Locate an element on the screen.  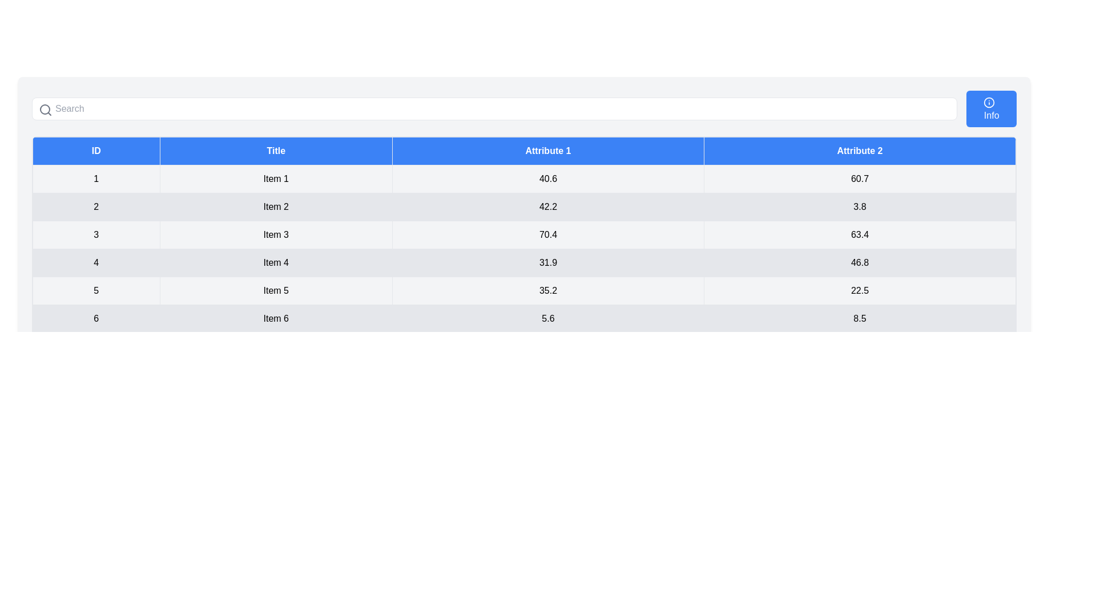
the column header Title to sort the table by that column is located at coordinates (276, 151).